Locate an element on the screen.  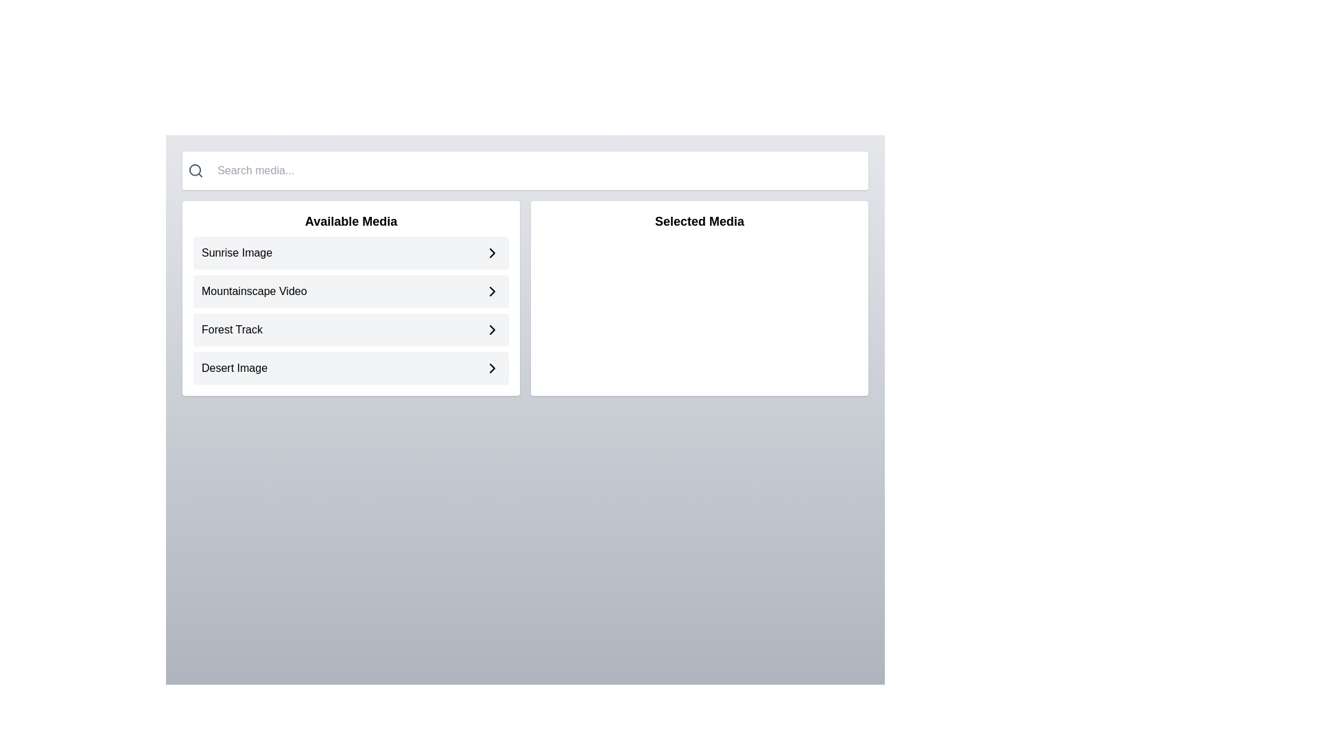
the selectable media option labeled 'Forest Track' is located at coordinates (351, 330).